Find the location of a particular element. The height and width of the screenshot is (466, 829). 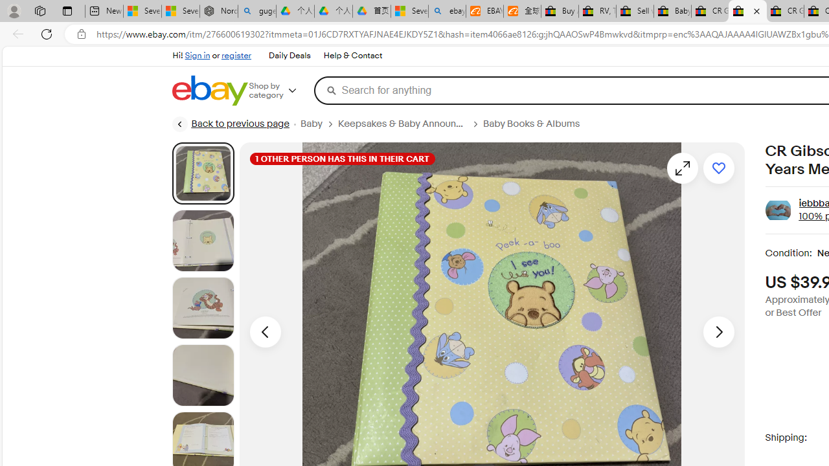

'Daily Deals' is located at coordinates (288, 55).